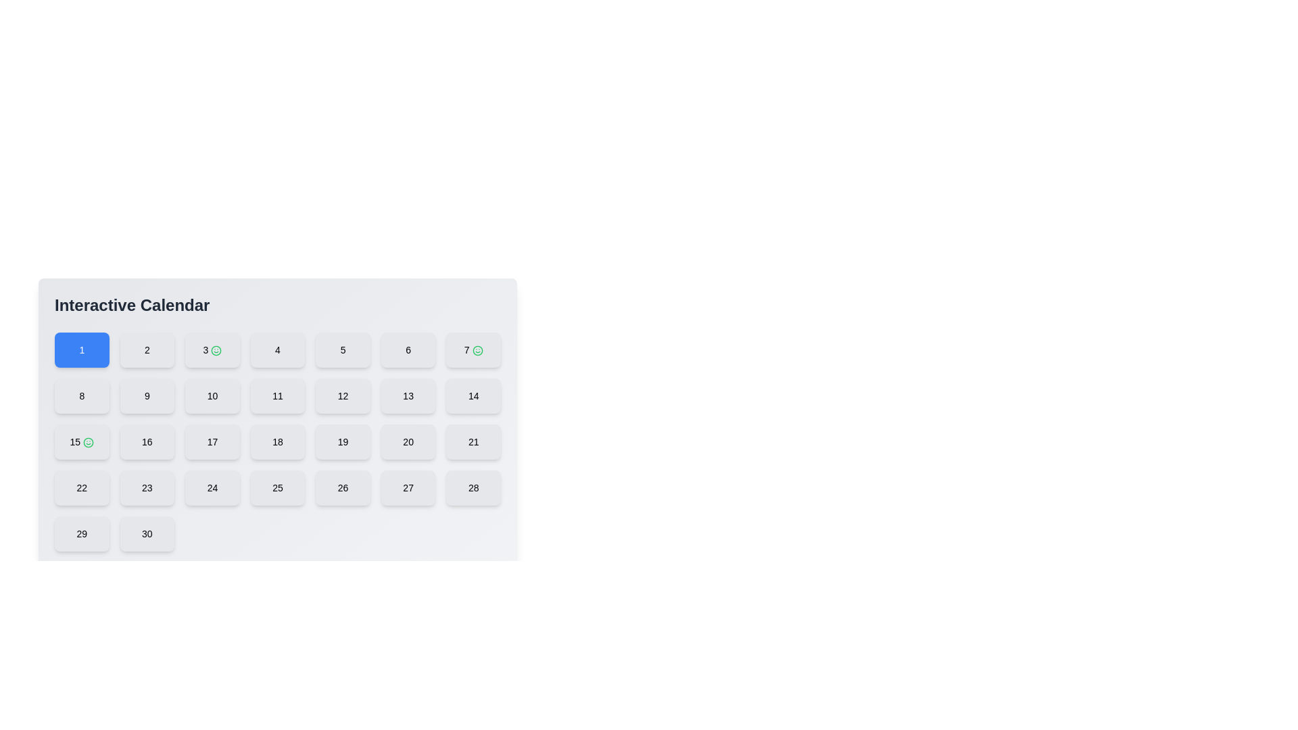  Describe the element at coordinates (81, 395) in the screenshot. I see `the button labeled '8', which is a rounded rectangular component with a light gray background and centered text` at that location.